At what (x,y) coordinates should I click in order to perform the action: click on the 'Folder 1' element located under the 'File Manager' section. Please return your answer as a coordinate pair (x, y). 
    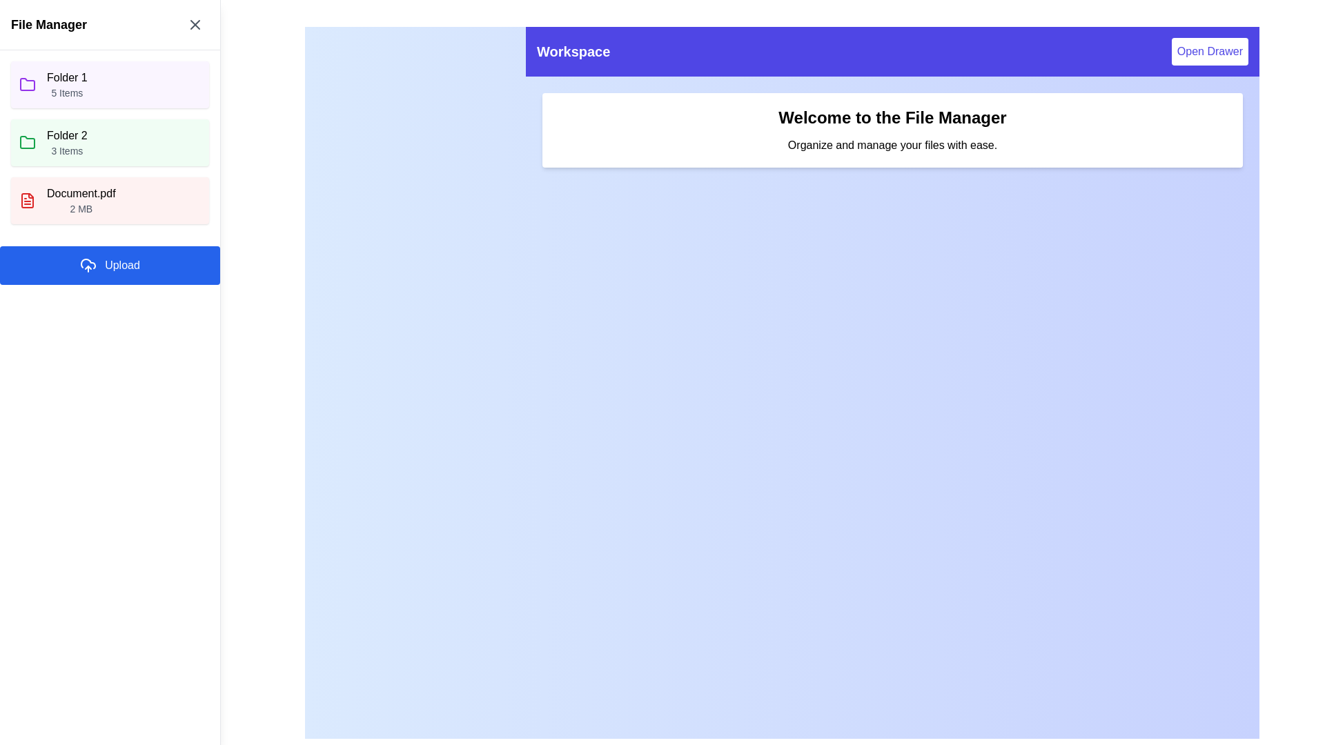
    Looking at the image, I should click on (66, 85).